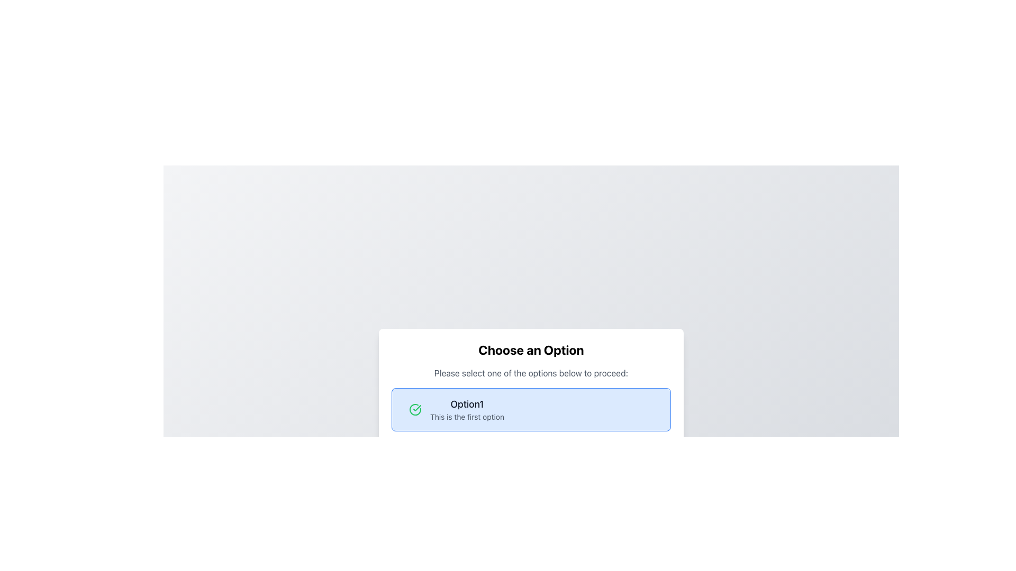 The width and height of the screenshot is (1016, 571). Describe the element at coordinates (415, 409) in the screenshot. I see `the green checkmark icon located at the top-left region of 'Option1' to determine the selection status` at that location.